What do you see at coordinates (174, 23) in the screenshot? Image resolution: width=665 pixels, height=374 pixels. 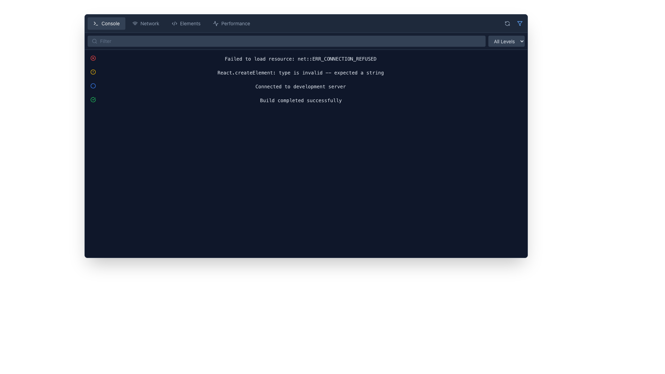 I see `the code-related feature icon located` at bounding box center [174, 23].